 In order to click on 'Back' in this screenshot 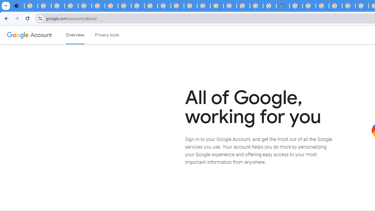, I will do `click(6, 18)`.